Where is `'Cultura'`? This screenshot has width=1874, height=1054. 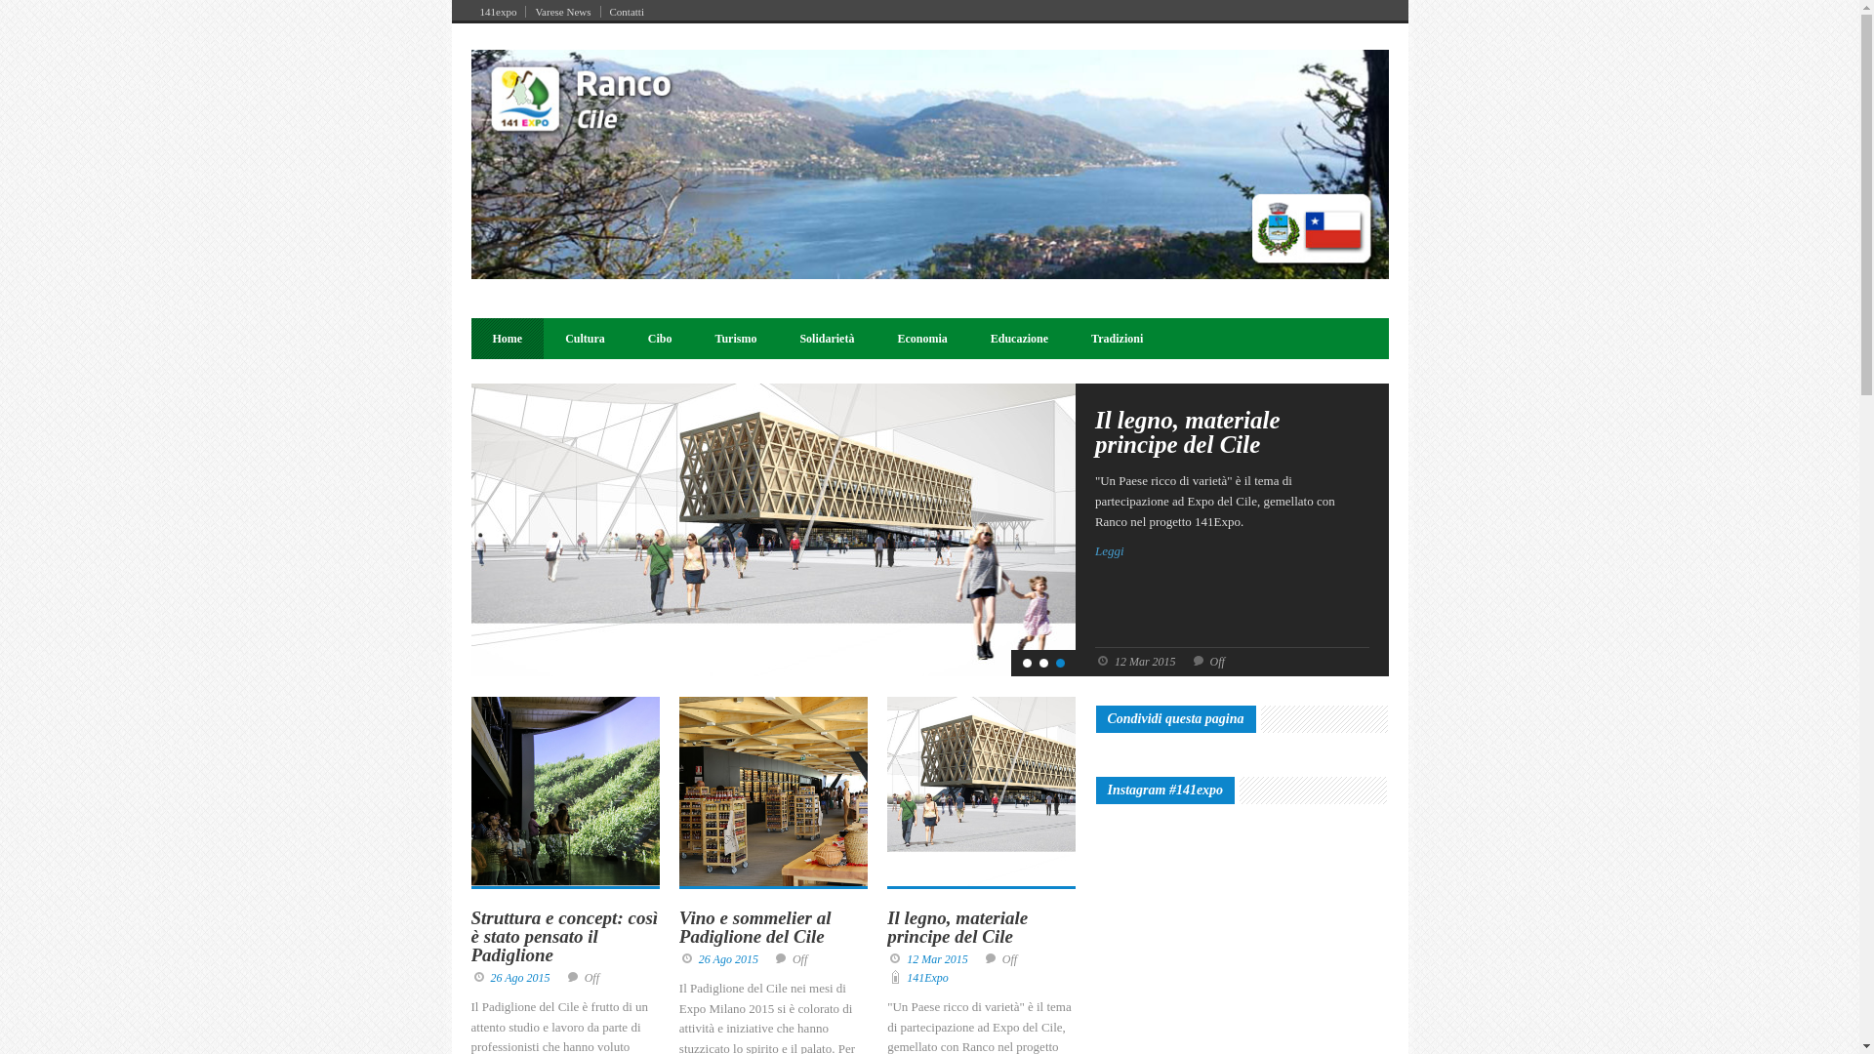
'Cultura' is located at coordinates (584, 338).